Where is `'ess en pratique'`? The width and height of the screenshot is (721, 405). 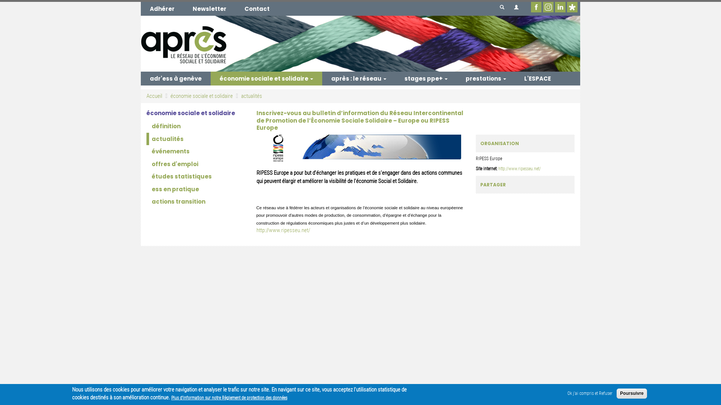 'ess en pratique' is located at coordinates (196, 189).